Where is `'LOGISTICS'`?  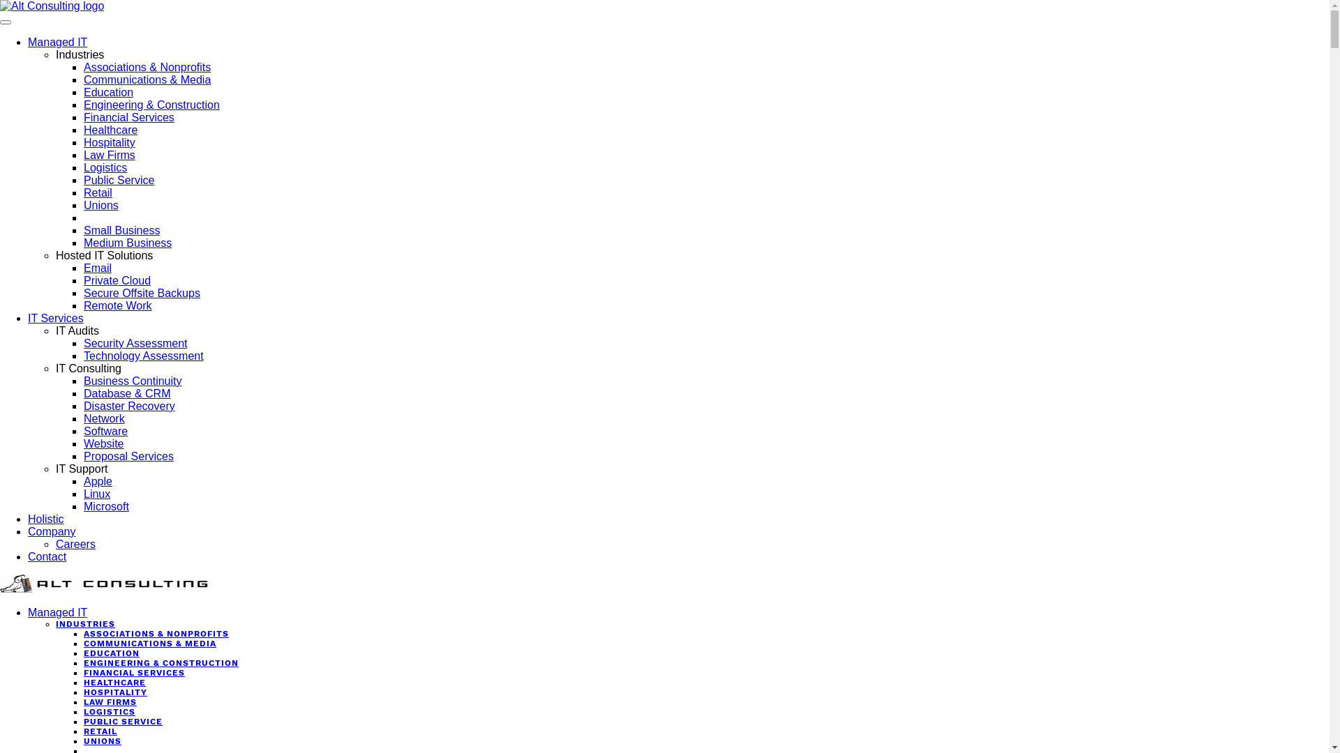
'LOGISTICS' is located at coordinates (109, 712).